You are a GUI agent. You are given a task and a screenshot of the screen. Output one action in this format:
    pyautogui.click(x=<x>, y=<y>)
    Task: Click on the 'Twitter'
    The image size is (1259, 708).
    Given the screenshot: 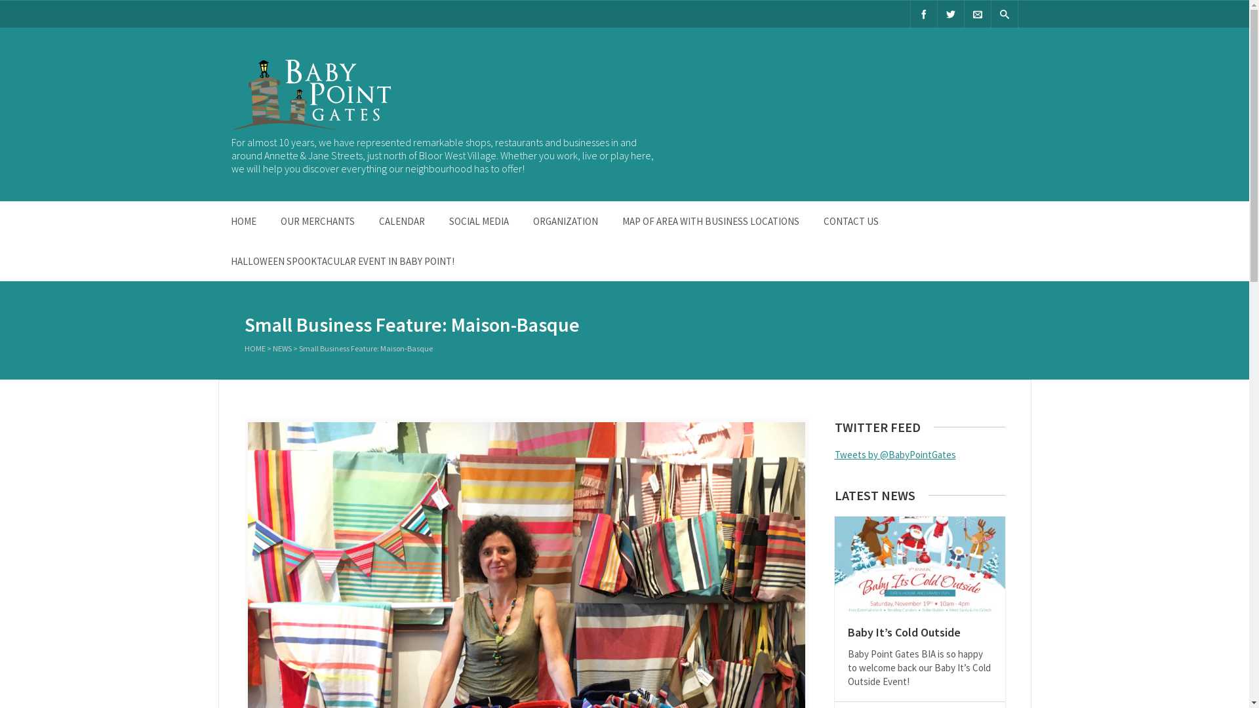 What is the action you would take?
    pyautogui.click(x=950, y=14)
    